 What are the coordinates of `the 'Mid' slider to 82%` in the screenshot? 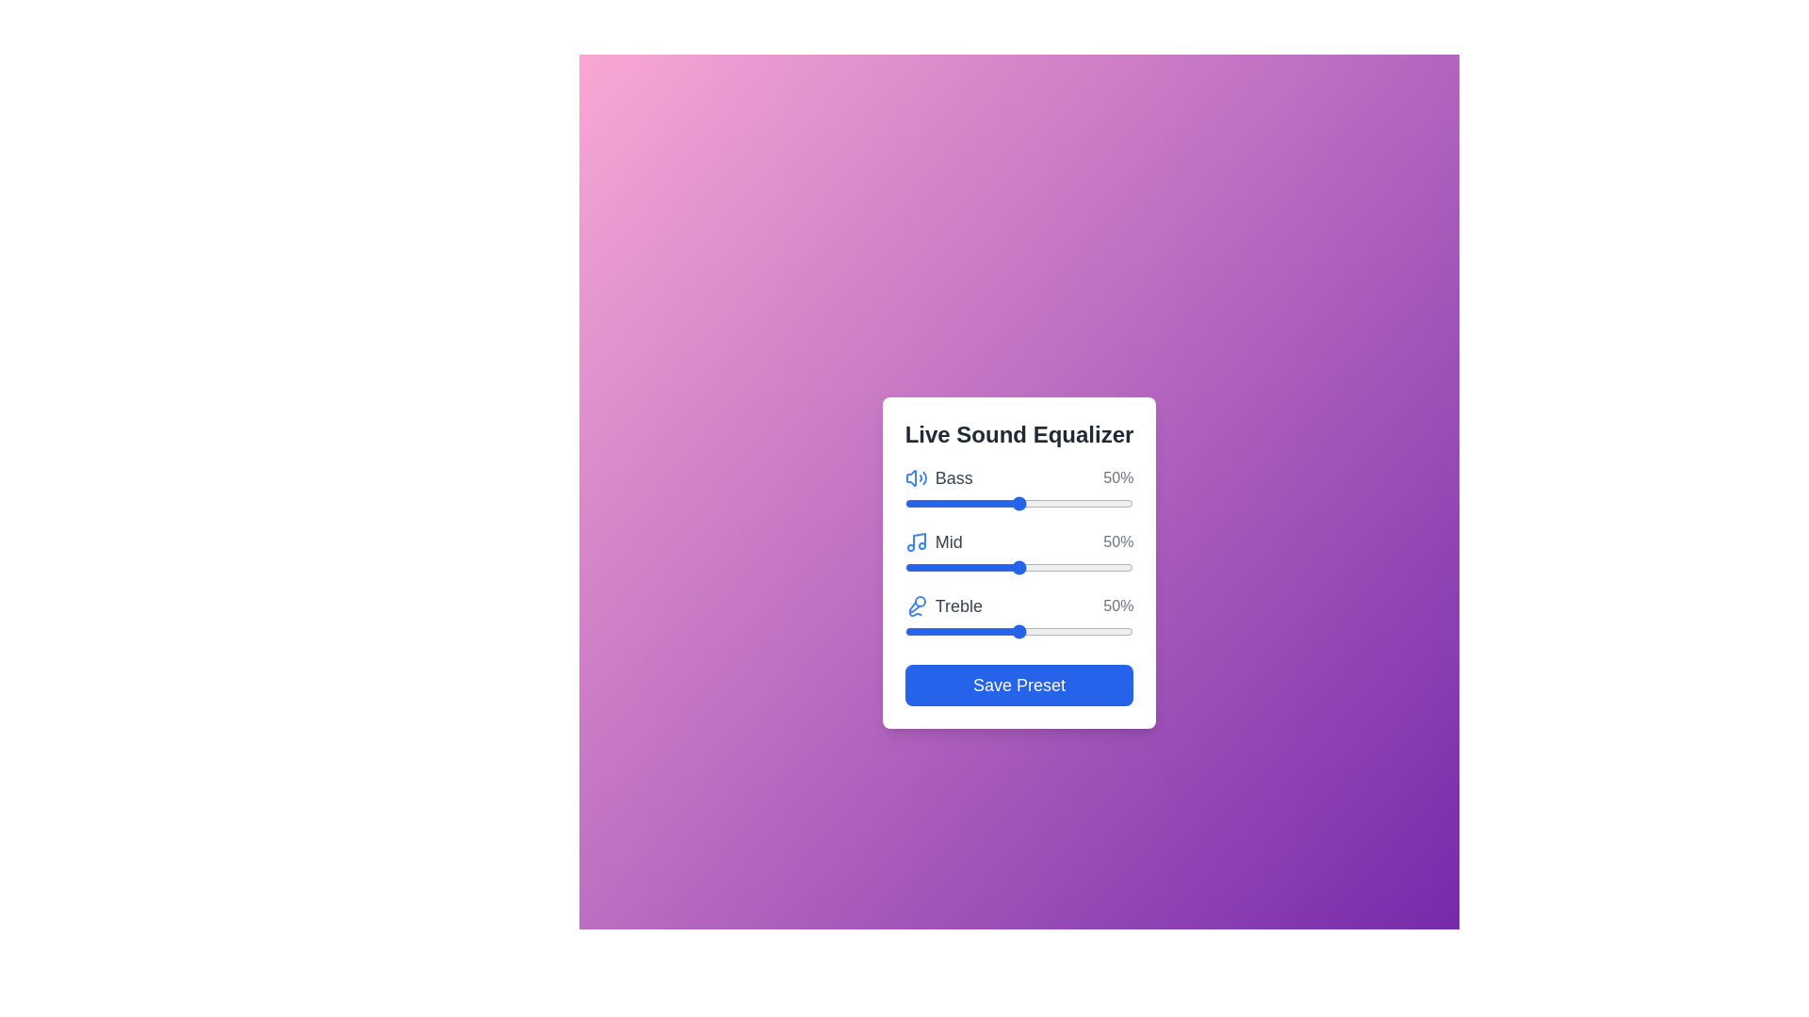 It's located at (1092, 566).